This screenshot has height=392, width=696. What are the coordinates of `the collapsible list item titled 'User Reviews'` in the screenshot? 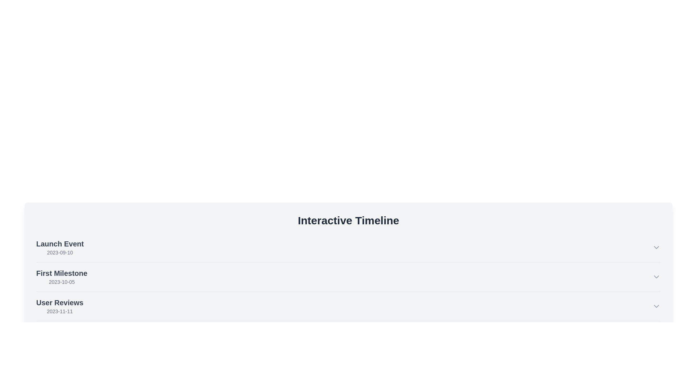 It's located at (348, 306).